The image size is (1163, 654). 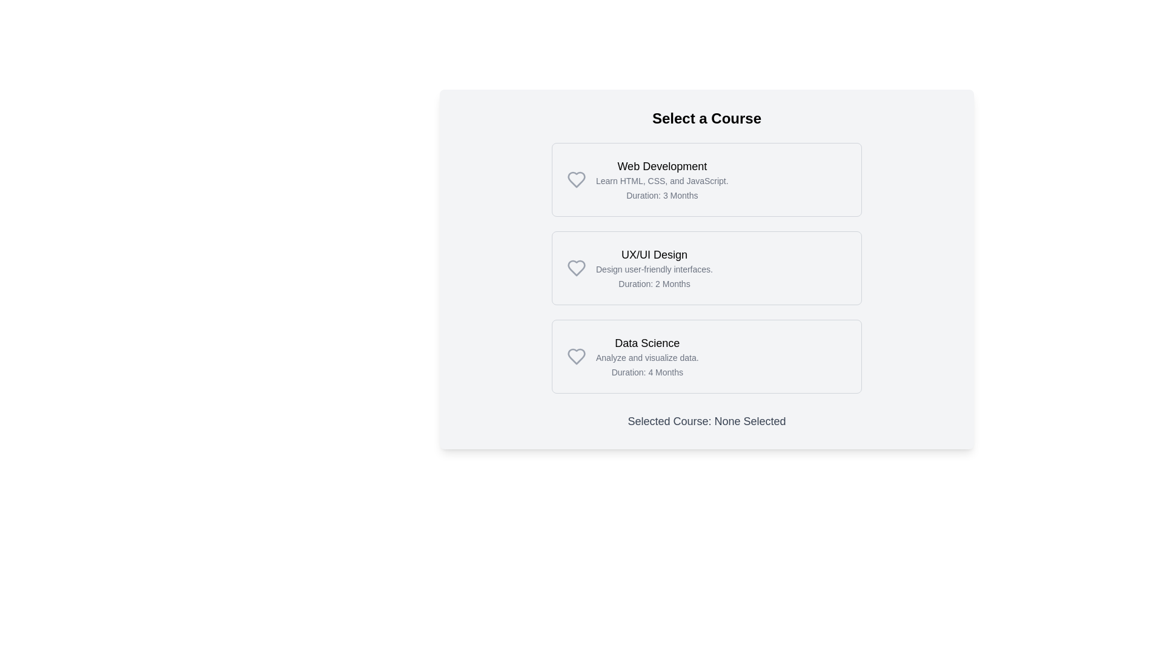 I want to click on the Text Label that identifies the UX/UI Design course, located at the top of the second course description box, to interact with adjacent buttons or links, so click(x=654, y=254).